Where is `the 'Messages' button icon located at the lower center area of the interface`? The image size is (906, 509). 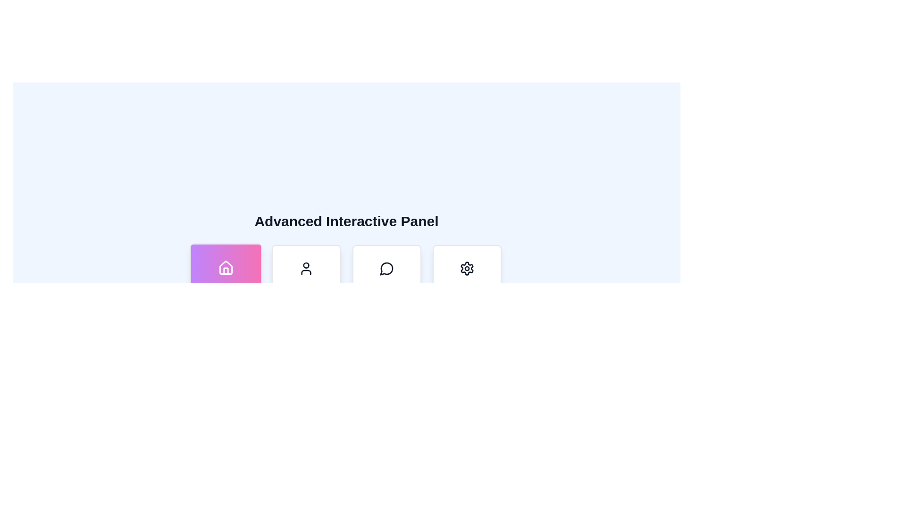
the 'Messages' button icon located at the lower center area of the interface is located at coordinates (386, 269).